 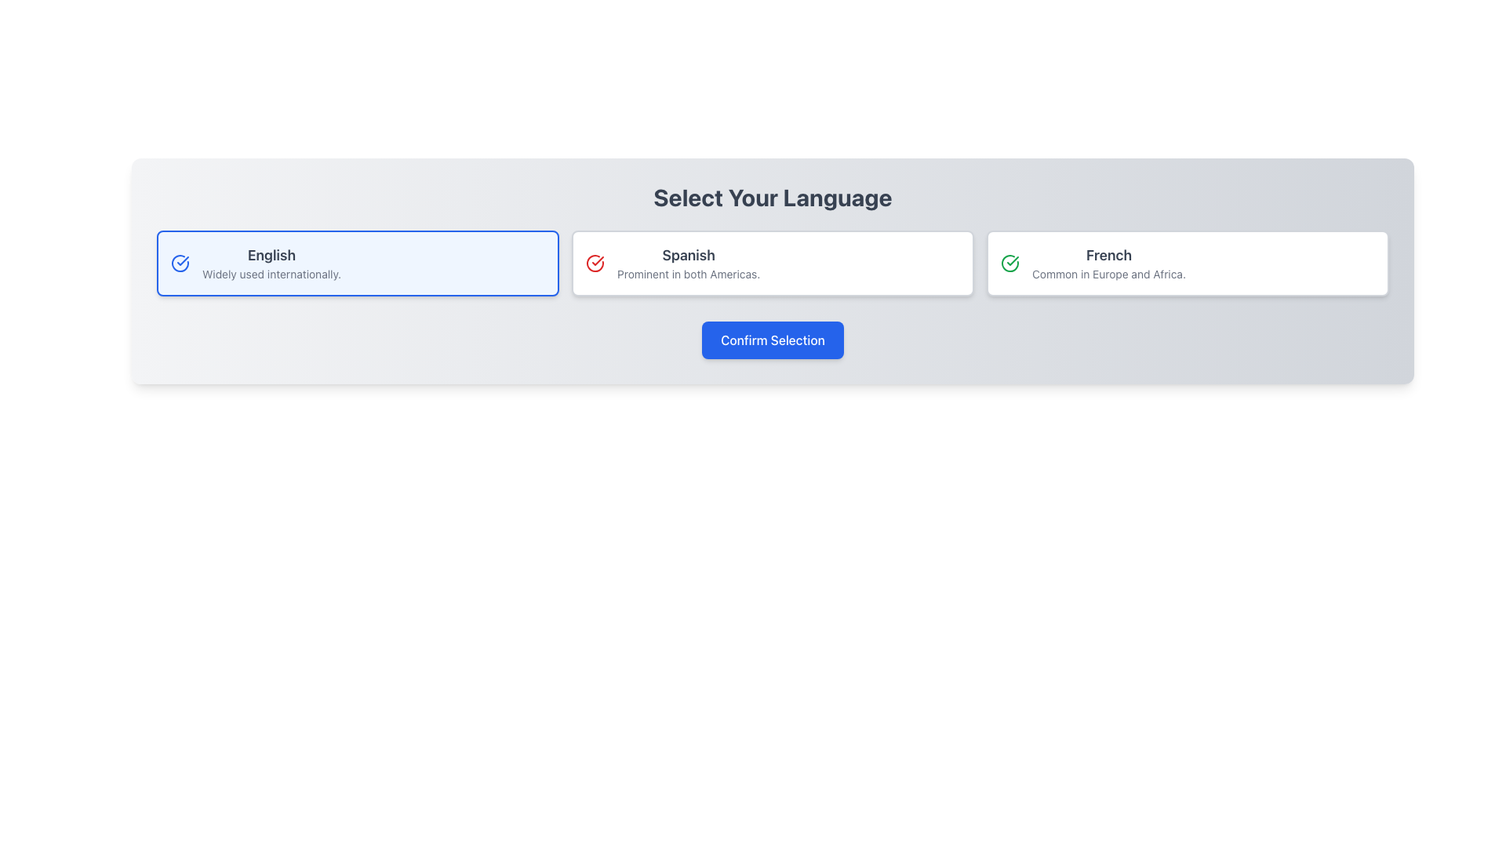 What do you see at coordinates (597, 260) in the screenshot?
I see `the icon indicating the 'Spanish' language option, located to the left of the text 'Prominent in both Americas.' and right of the 'English' option` at bounding box center [597, 260].